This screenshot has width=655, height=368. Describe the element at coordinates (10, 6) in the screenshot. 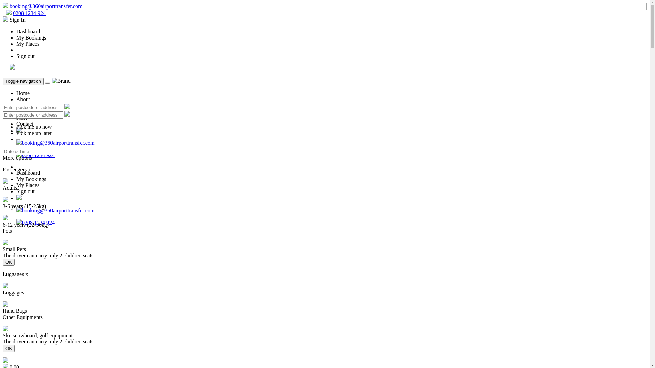

I see `'booking@360airporttransfer.com'` at that location.